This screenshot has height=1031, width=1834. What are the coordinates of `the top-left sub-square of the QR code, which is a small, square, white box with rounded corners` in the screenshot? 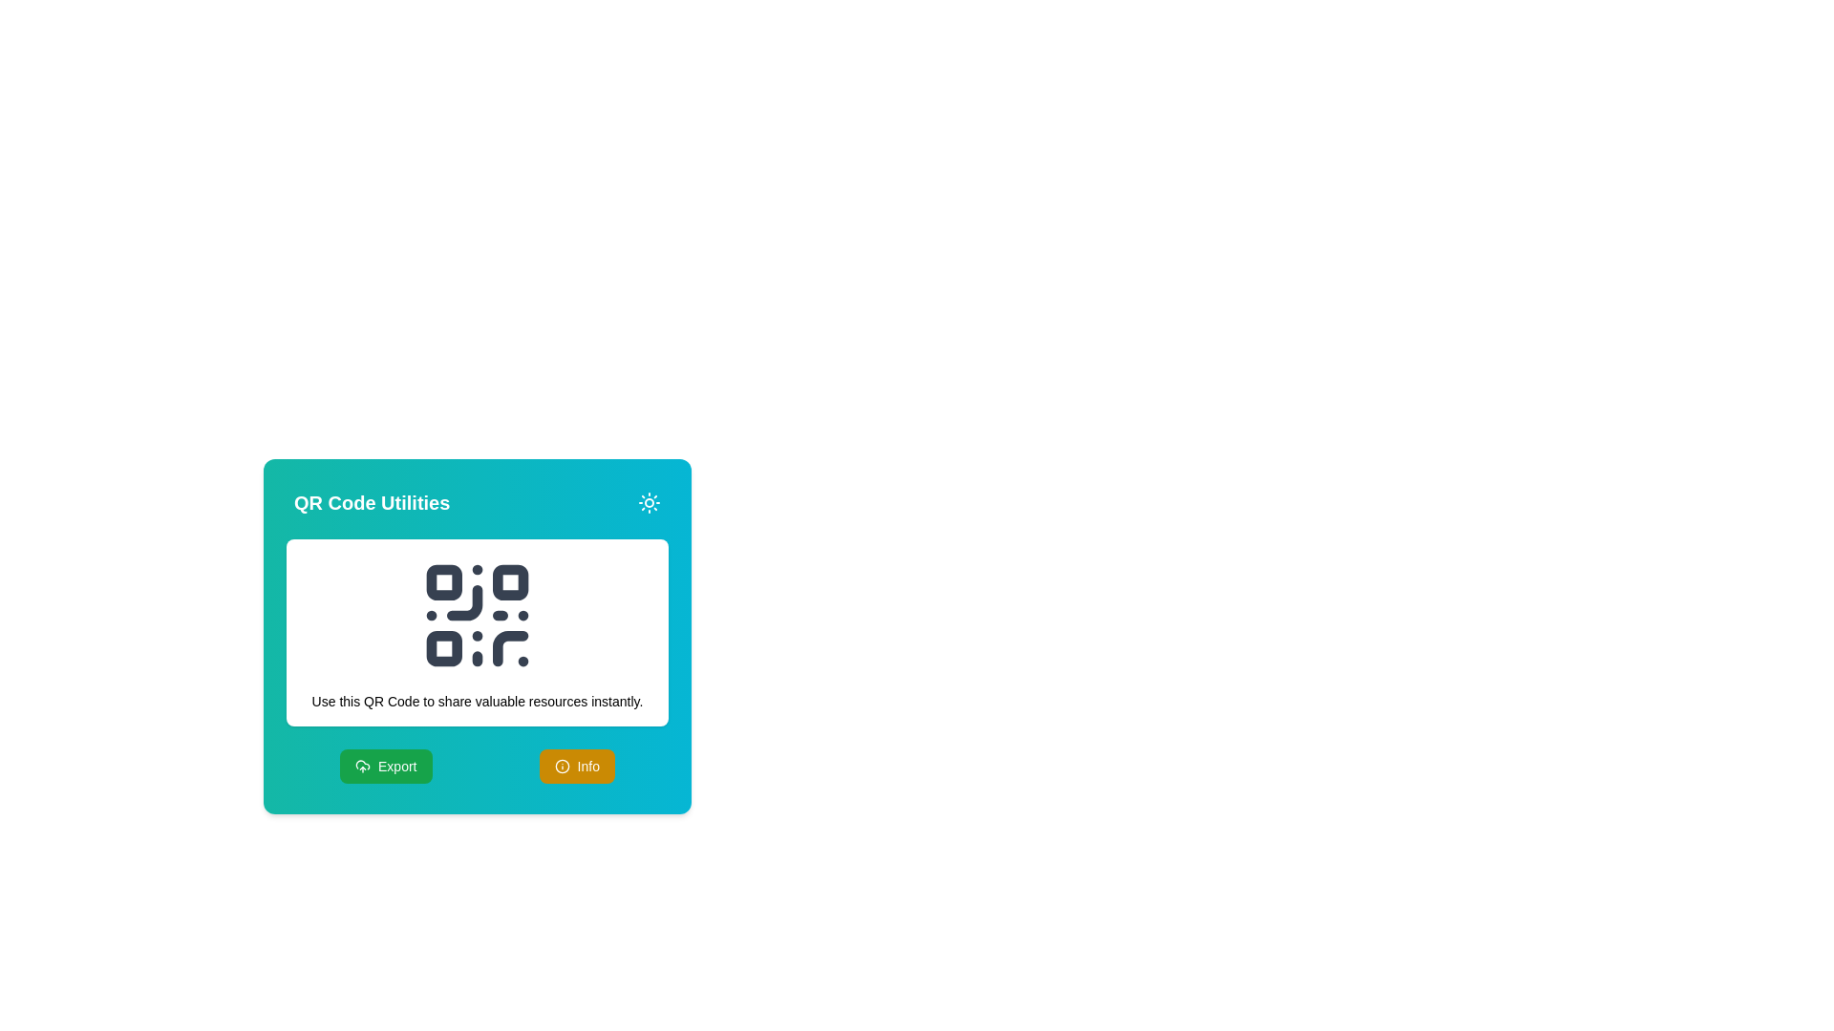 It's located at (443, 581).